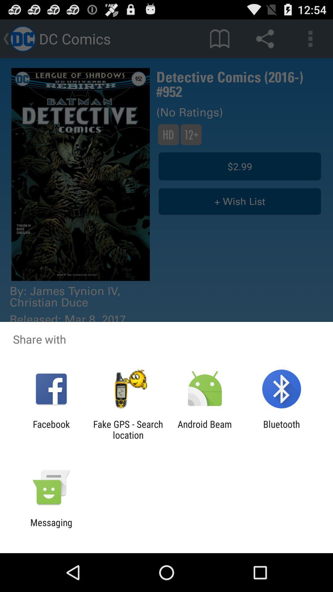 Image resolution: width=333 pixels, height=592 pixels. What do you see at coordinates (205, 429) in the screenshot?
I see `the android beam app` at bounding box center [205, 429].